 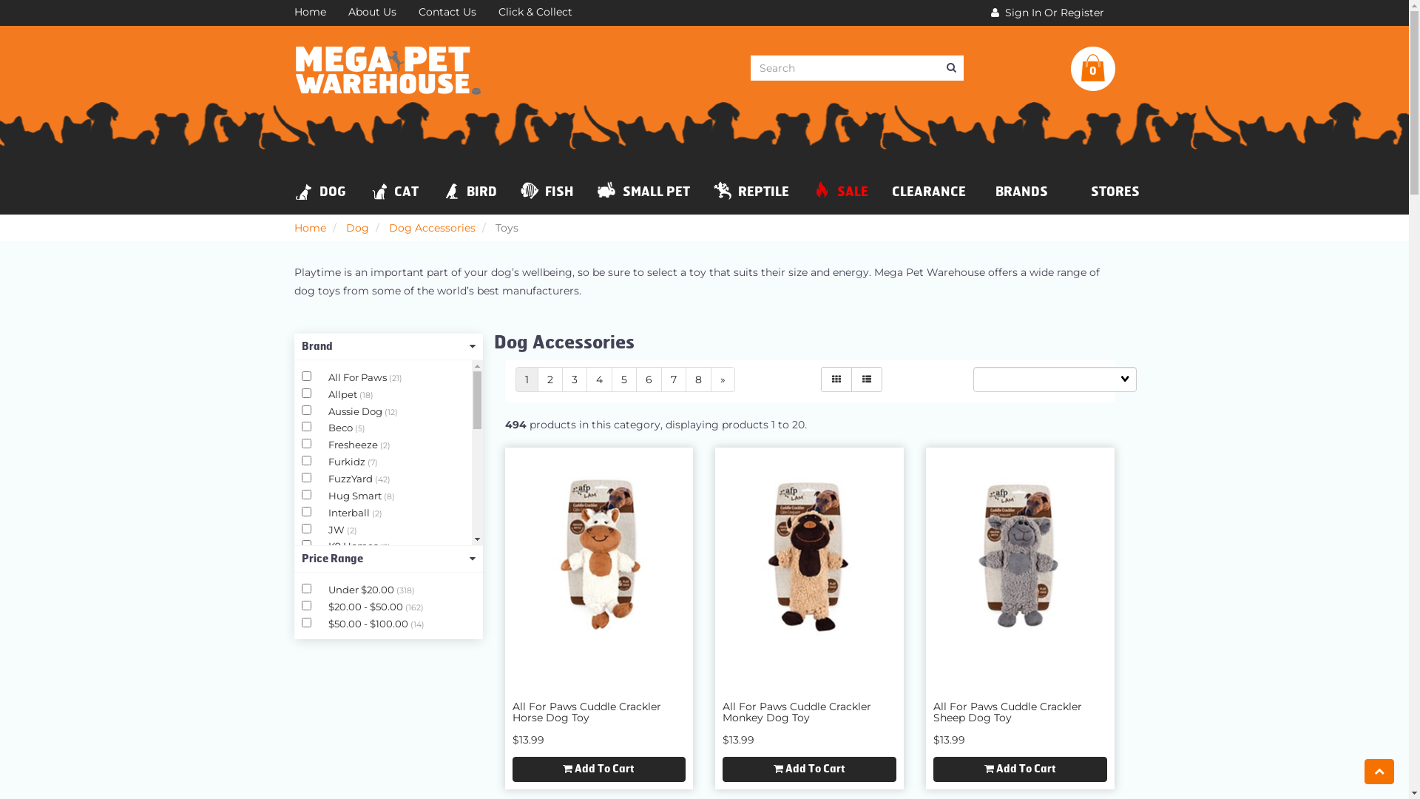 What do you see at coordinates (354, 545) in the screenshot?
I see `'K9 Homes'` at bounding box center [354, 545].